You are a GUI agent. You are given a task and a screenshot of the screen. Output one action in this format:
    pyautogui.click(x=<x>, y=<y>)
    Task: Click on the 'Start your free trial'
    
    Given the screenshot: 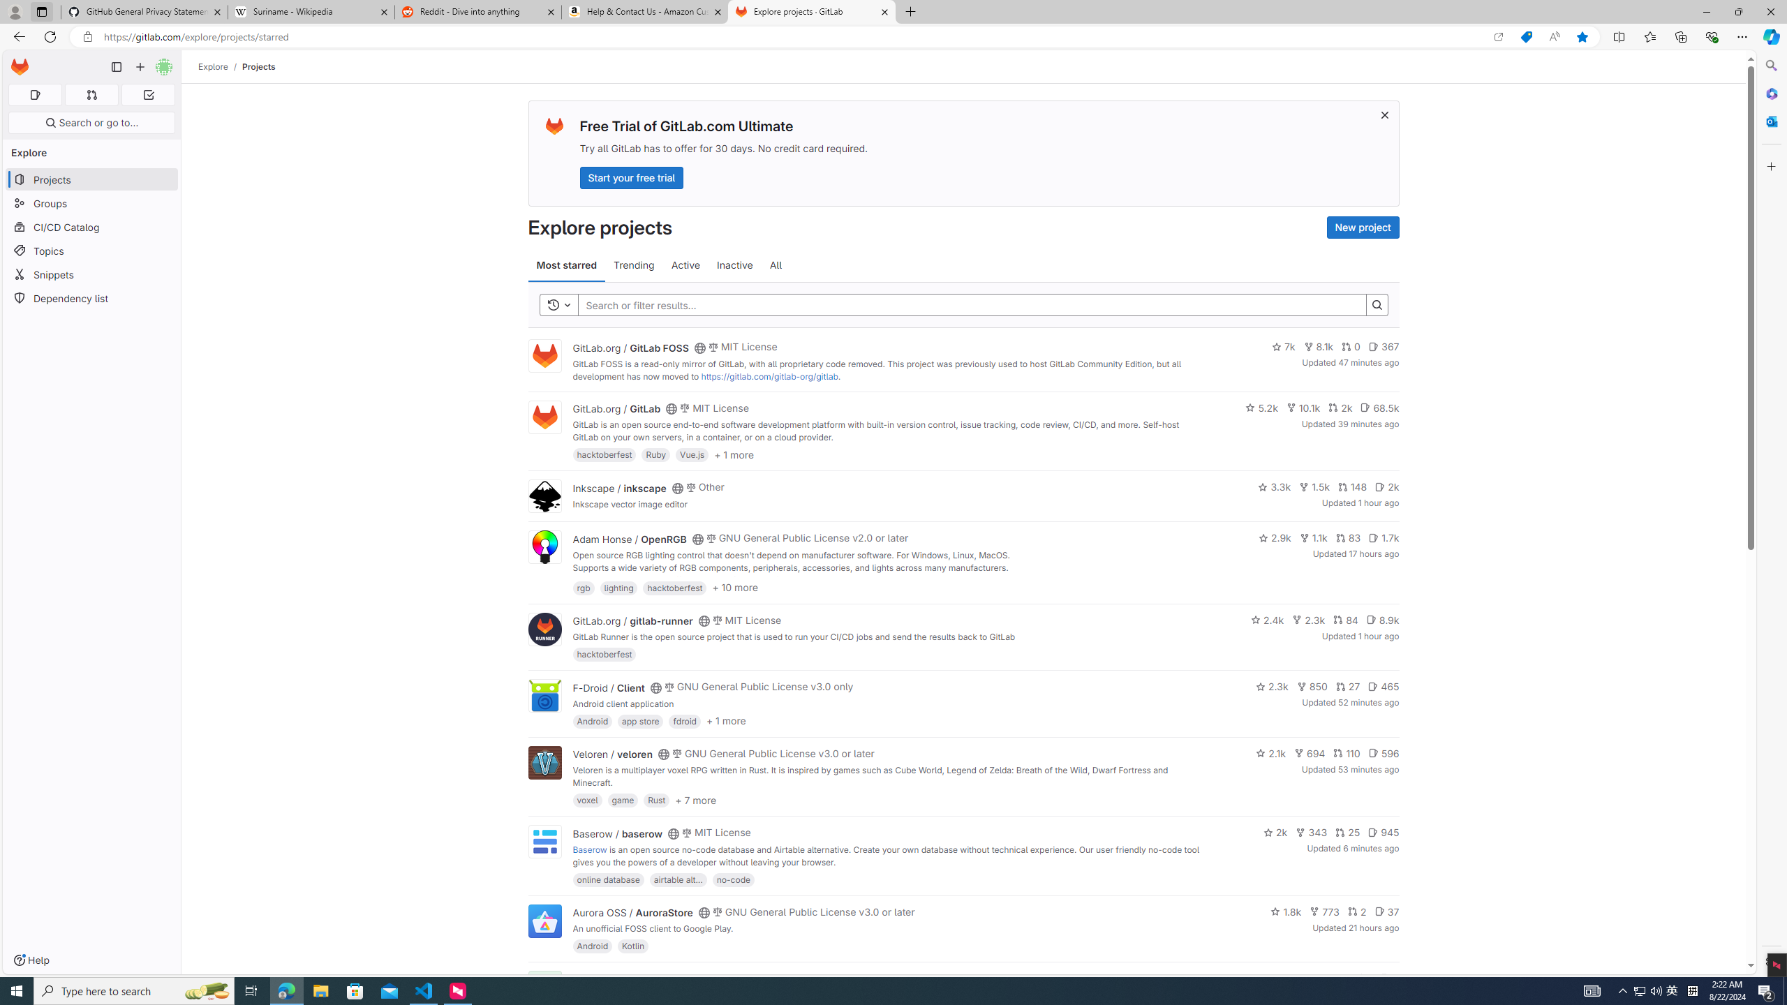 What is the action you would take?
    pyautogui.click(x=631, y=177)
    